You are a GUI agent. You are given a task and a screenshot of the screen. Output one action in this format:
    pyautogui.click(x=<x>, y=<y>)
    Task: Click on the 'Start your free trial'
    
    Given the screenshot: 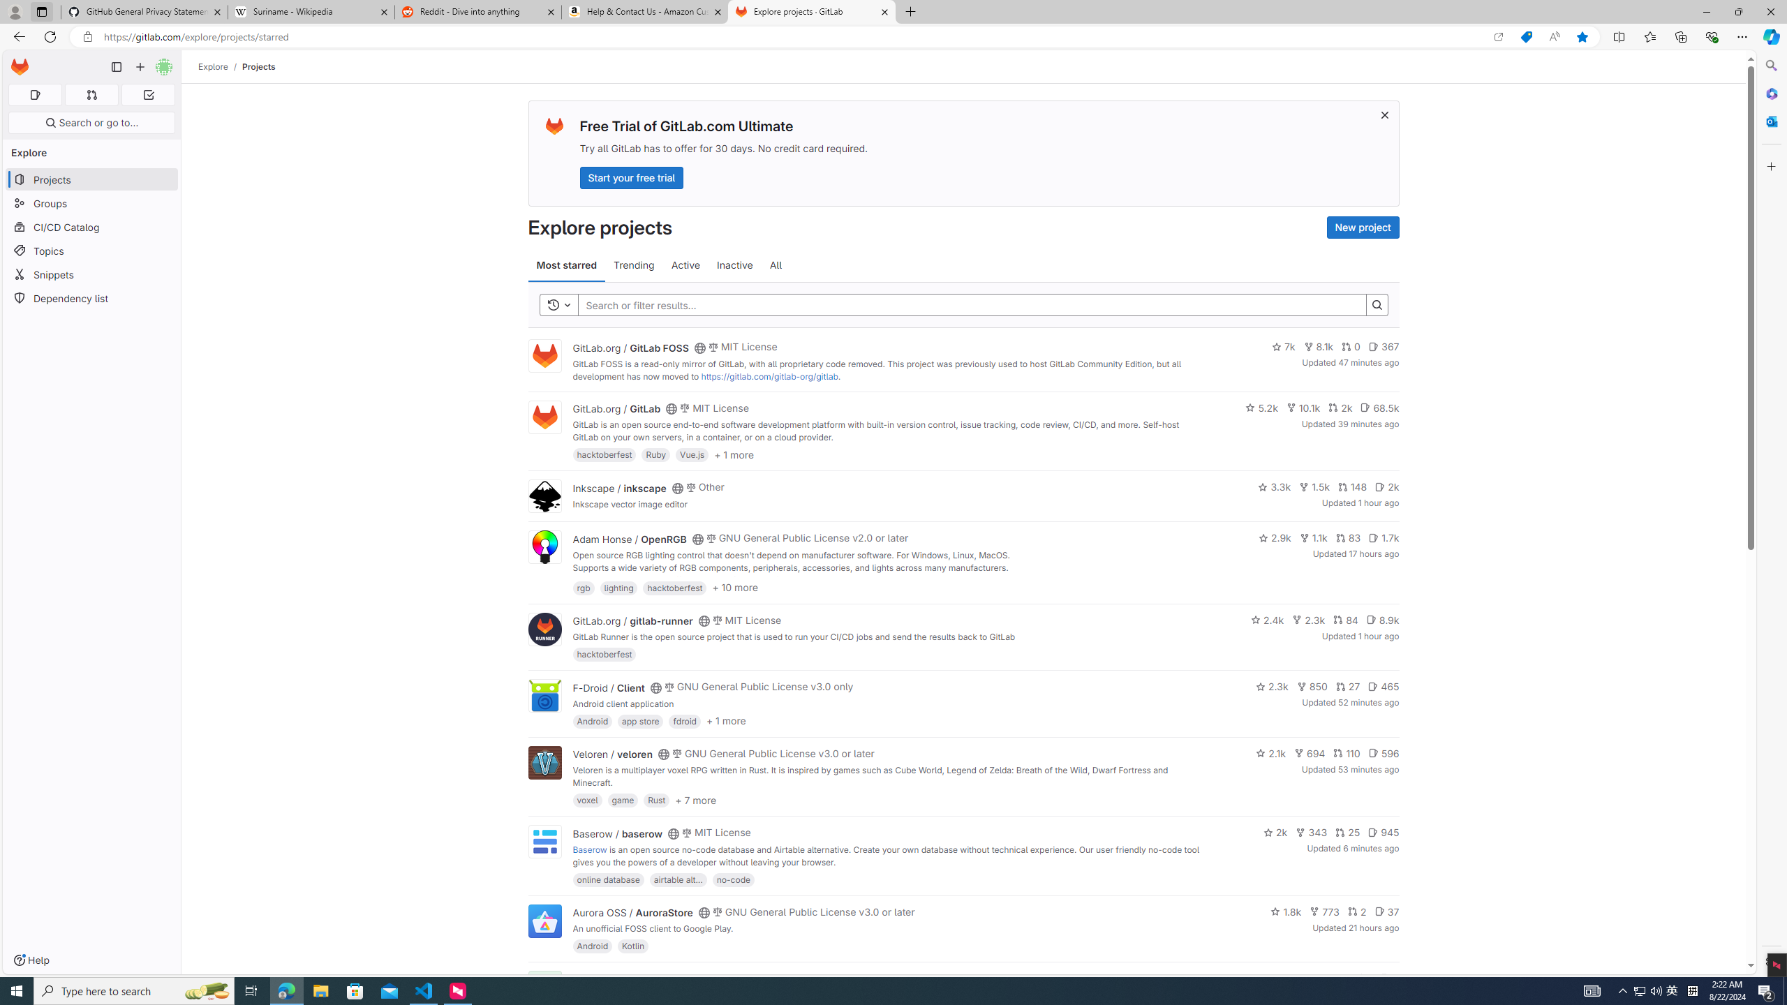 What is the action you would take?
    pyautogui.click(x=631, y=177)
    